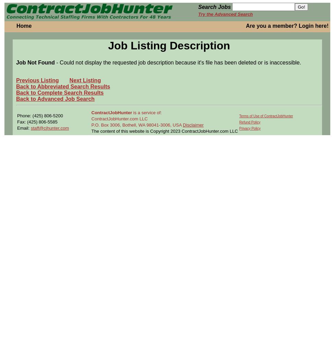 The height and width of the screenshot is (343, 332). I want to click on 'Previous Listing', so click(37, 80).